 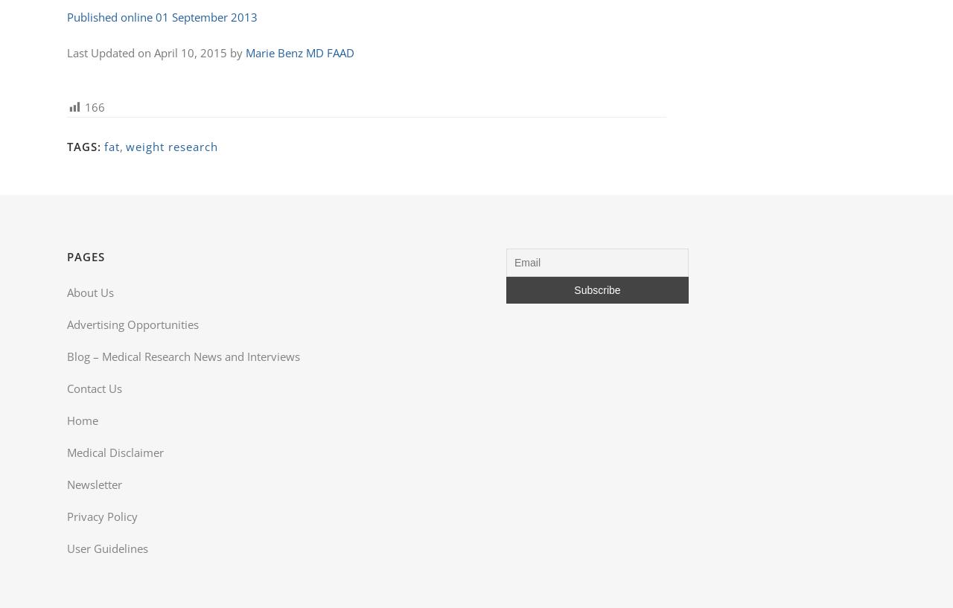 I want to click on 'weight research', so click(x=125, y=145).